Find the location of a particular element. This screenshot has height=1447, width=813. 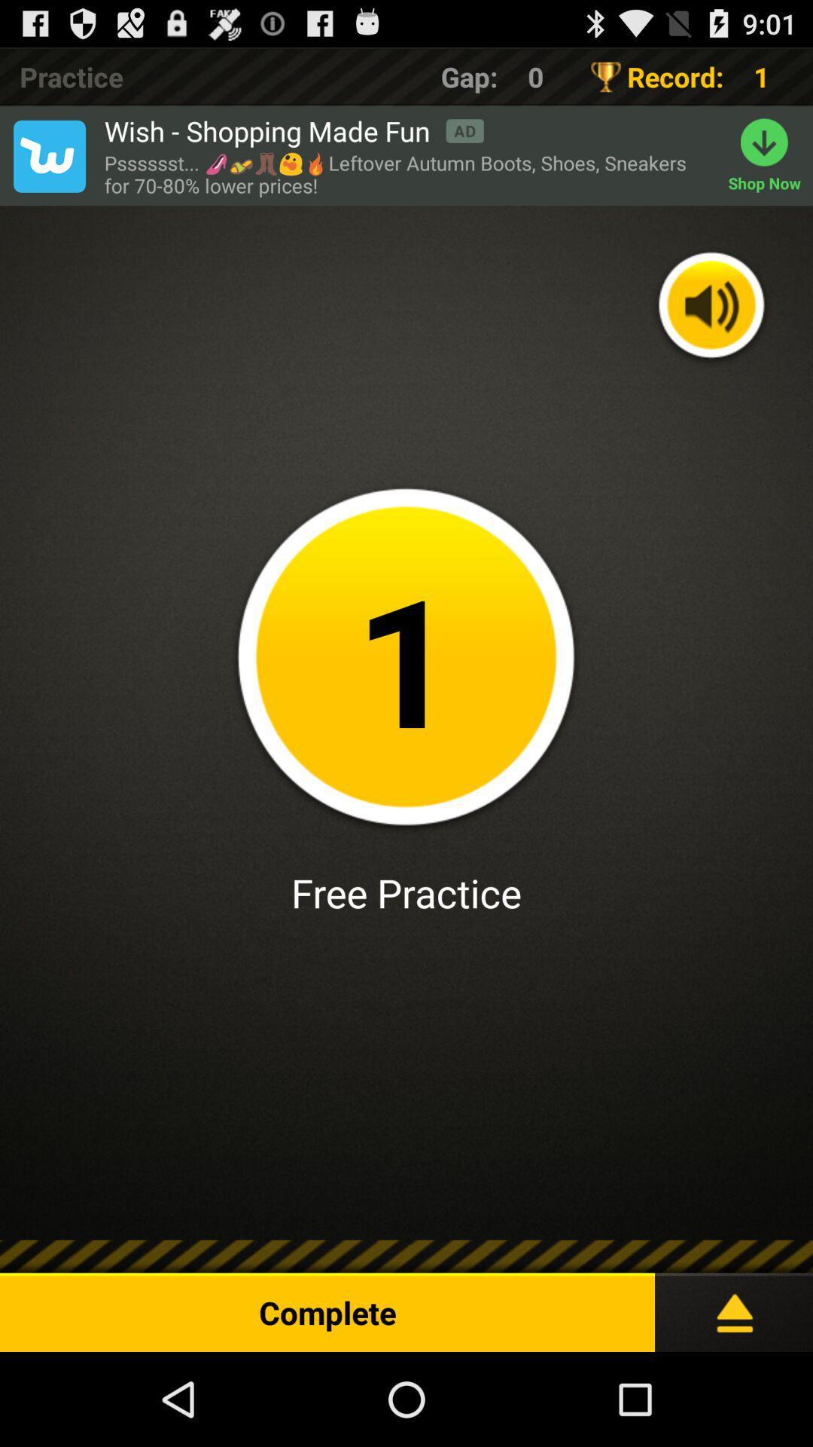

the audio is located at coordinates (711, 306).